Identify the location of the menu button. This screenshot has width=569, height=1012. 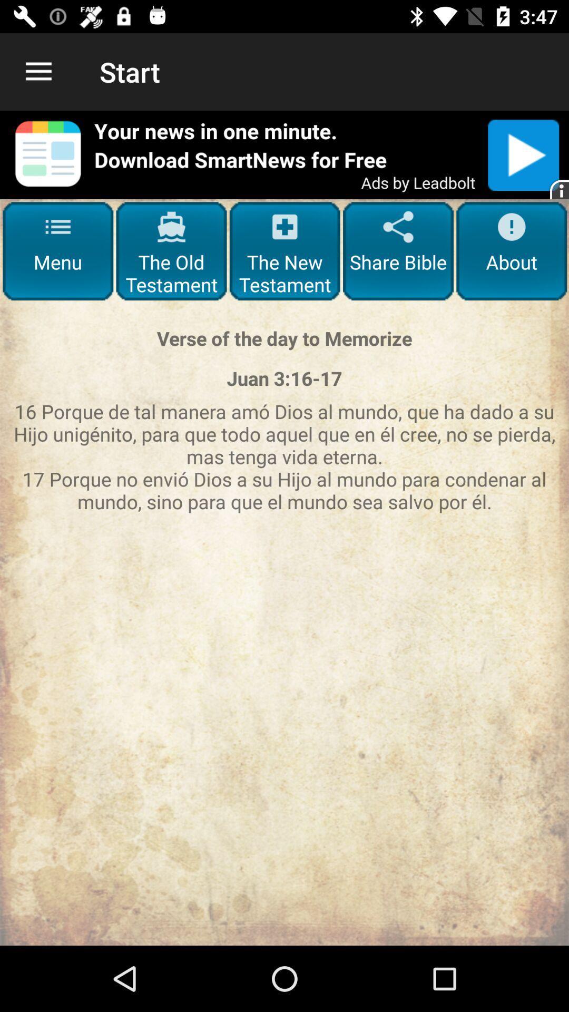
(58, 250).